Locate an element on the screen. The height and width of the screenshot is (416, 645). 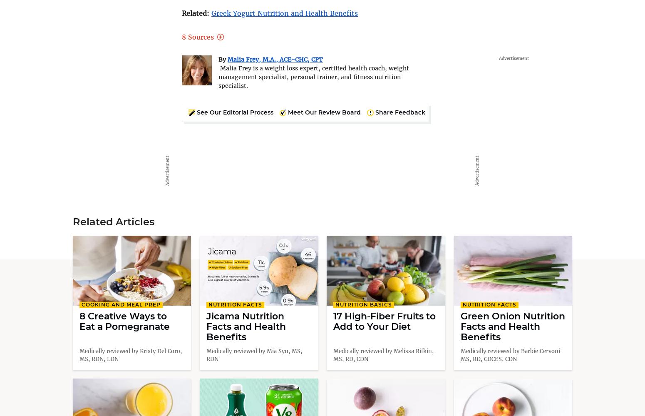
'Related Articles' is located at coordinates (113, 221).